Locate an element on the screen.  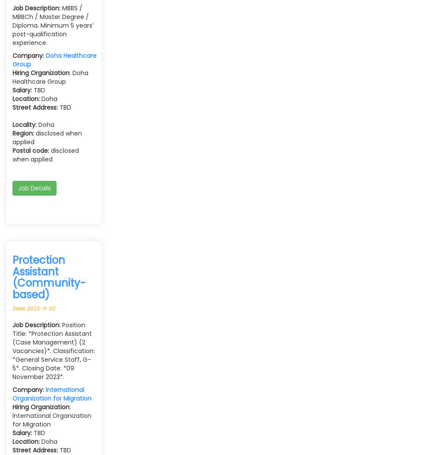
'Position Title: *Protection Assistant (Case Management) (2 Vacancies)*. Classification: *General Service Staff, G-5*. Closing Date: *09 November 2023*.' is located at coordinates (12, 350).